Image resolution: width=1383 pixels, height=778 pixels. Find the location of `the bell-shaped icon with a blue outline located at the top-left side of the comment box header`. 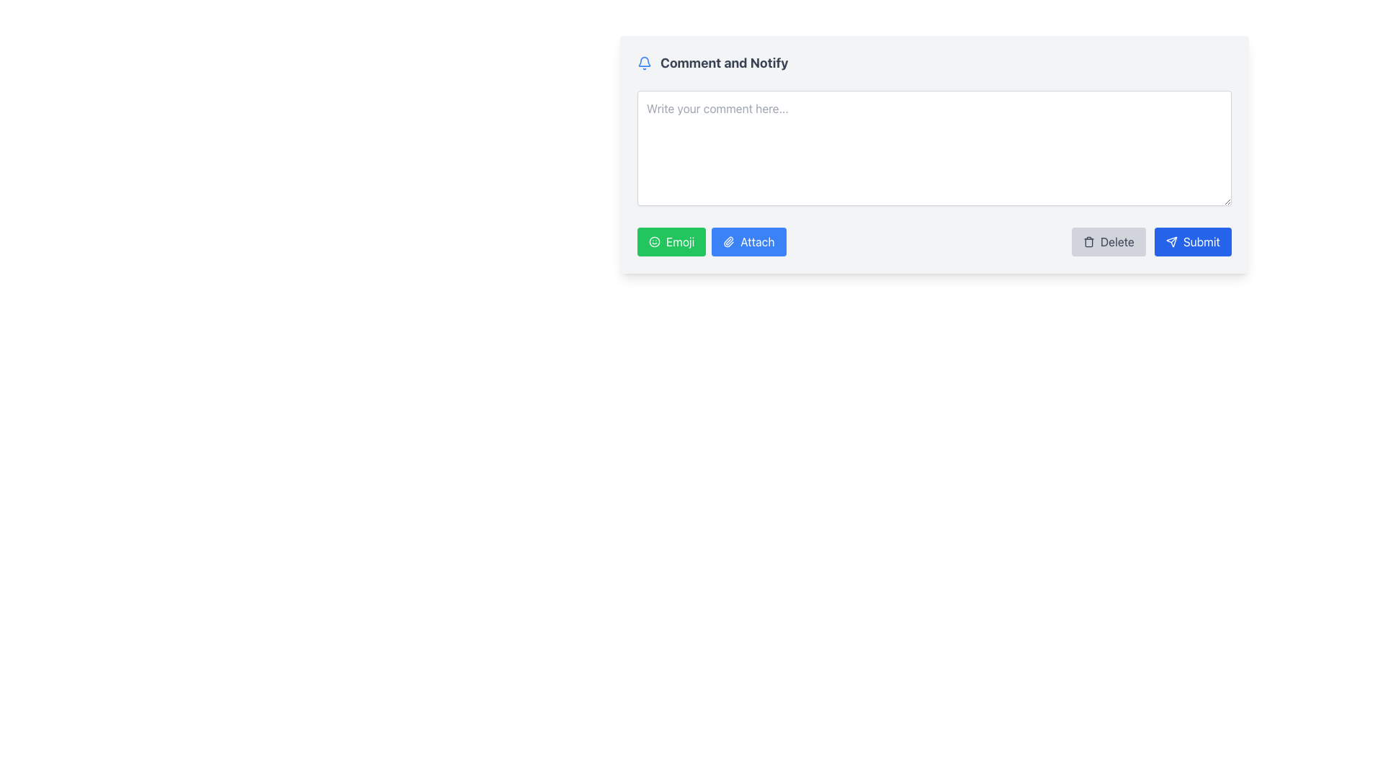

the bell-shaped icon with a blue outline located at the top-left side of the comment box header is located at coordinates (643, 61).